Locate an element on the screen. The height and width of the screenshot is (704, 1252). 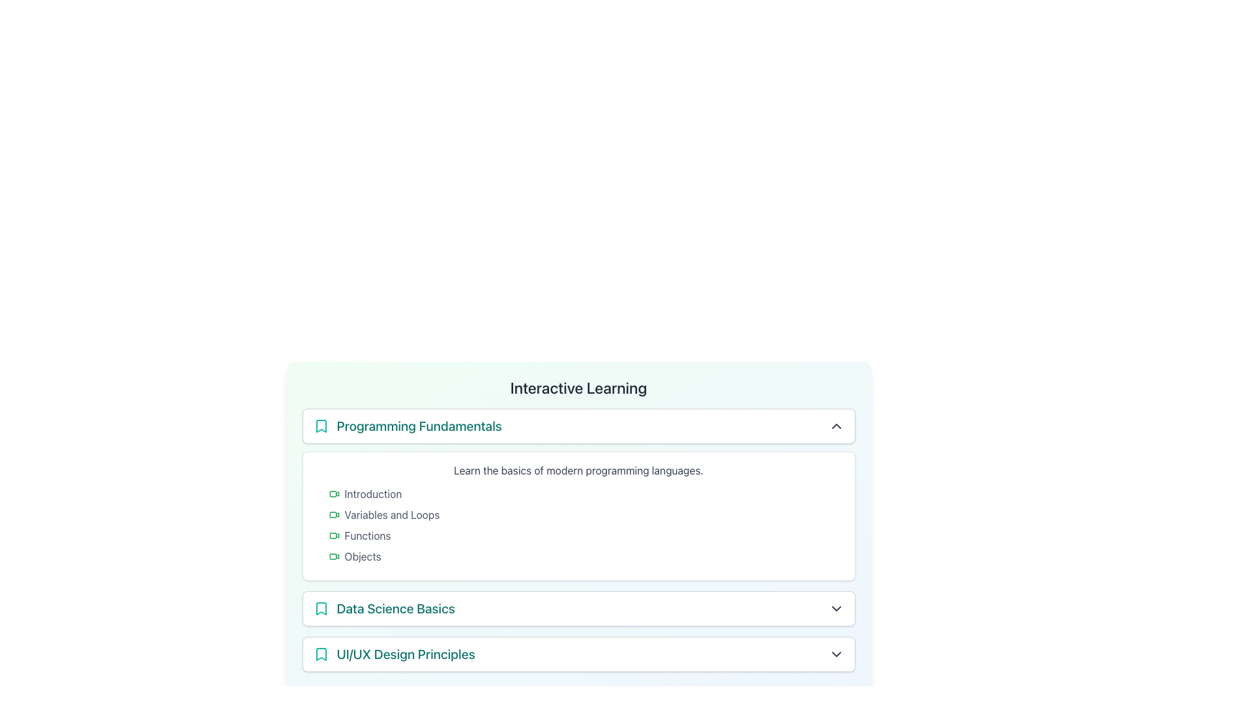
the navigation link labeled 'Functions' located directly below 'Variables and Loops' and above 'Objects' in the 'Programming Fundamentals' section is located at coordinates (367, 535).